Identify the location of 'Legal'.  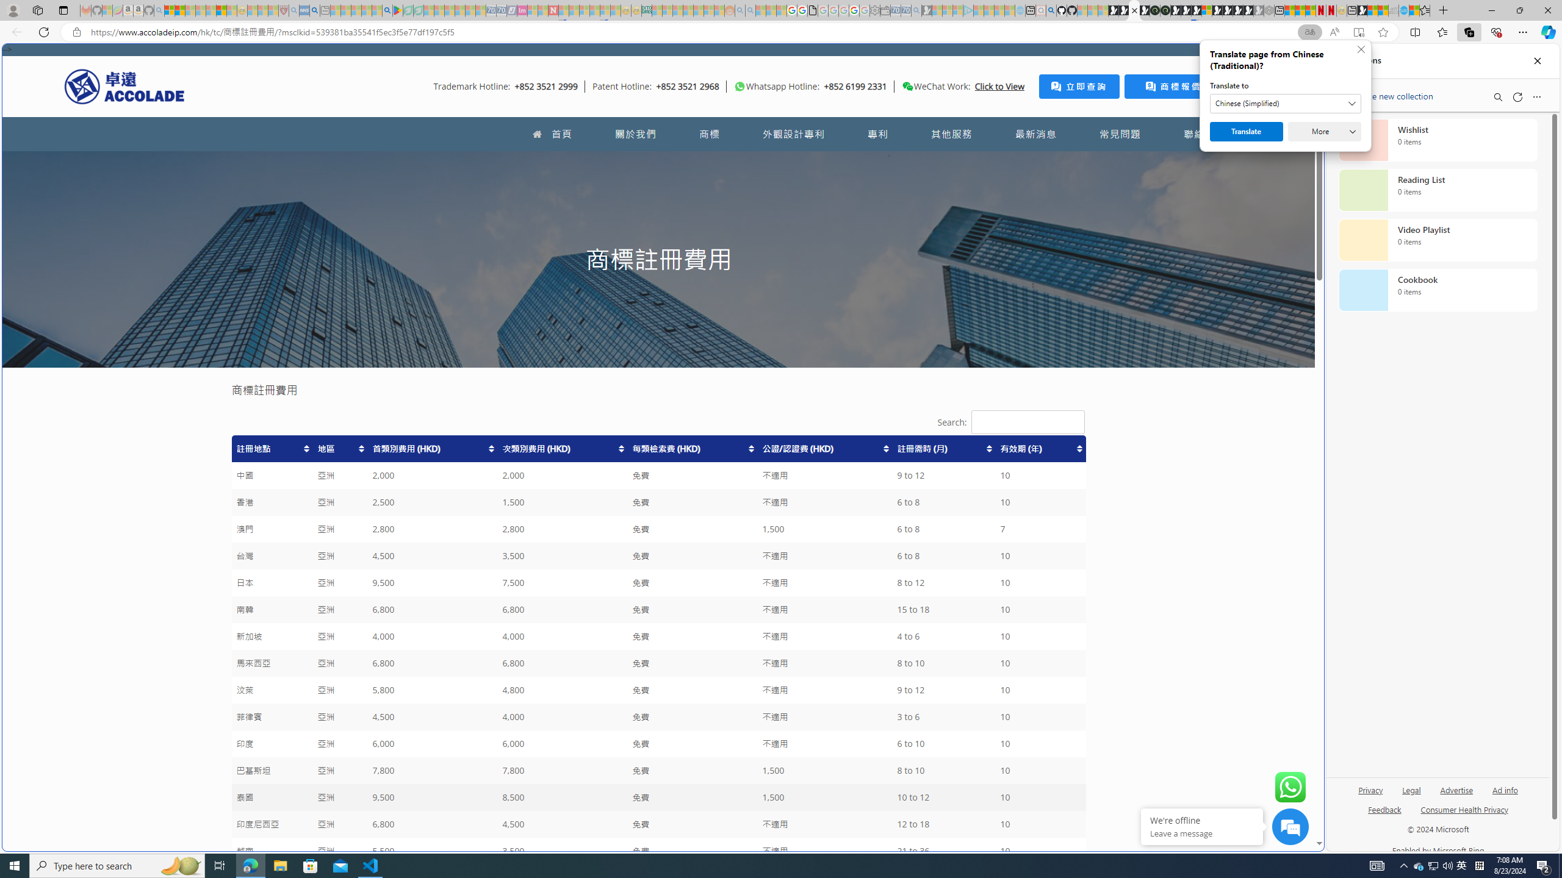
(1412, 789).